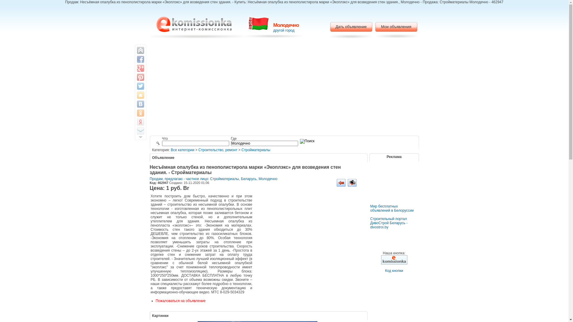 This screenshot has height=322, width=573. Describe the element at coordinates (140, 113) in the screenshot. I see `'Share to Odnoklassniki.ru'` at that location.